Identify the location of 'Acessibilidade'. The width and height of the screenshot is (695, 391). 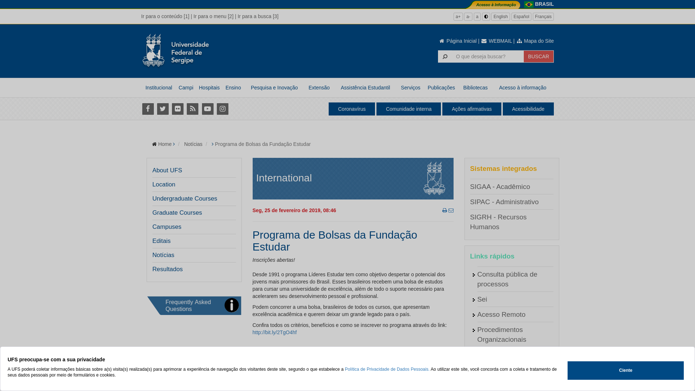
(502, 109).